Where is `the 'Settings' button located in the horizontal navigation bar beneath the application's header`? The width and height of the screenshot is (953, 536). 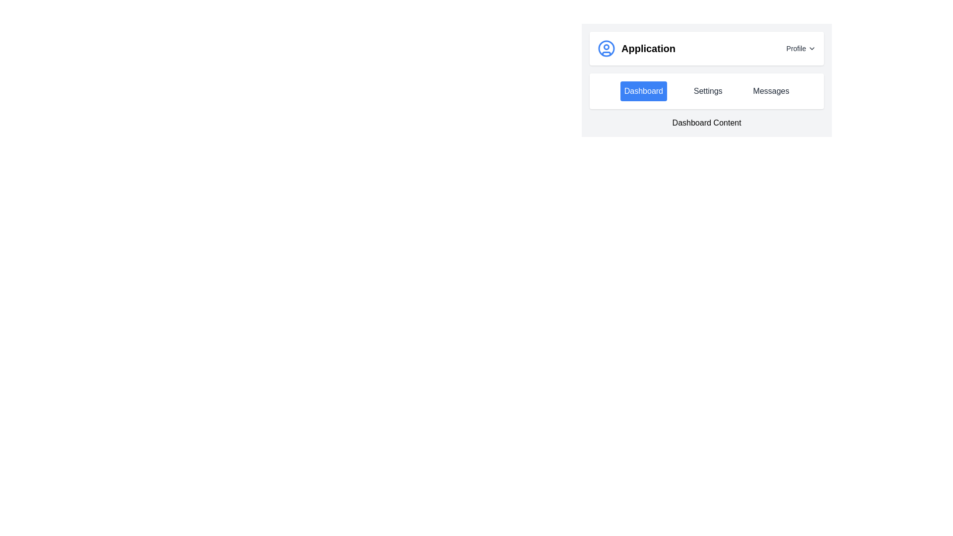 the 'Settings' button located in the horizontal navigation bar beneath the application's header is located at coordinates (707, 91).